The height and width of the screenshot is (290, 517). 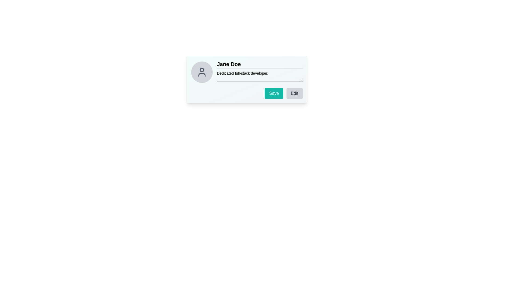 I want to click on the 'Edit' button, which is a light gray button with rounded corners located to the right of the 'Save' button, to initiate editing, so click(x=294, y=93).